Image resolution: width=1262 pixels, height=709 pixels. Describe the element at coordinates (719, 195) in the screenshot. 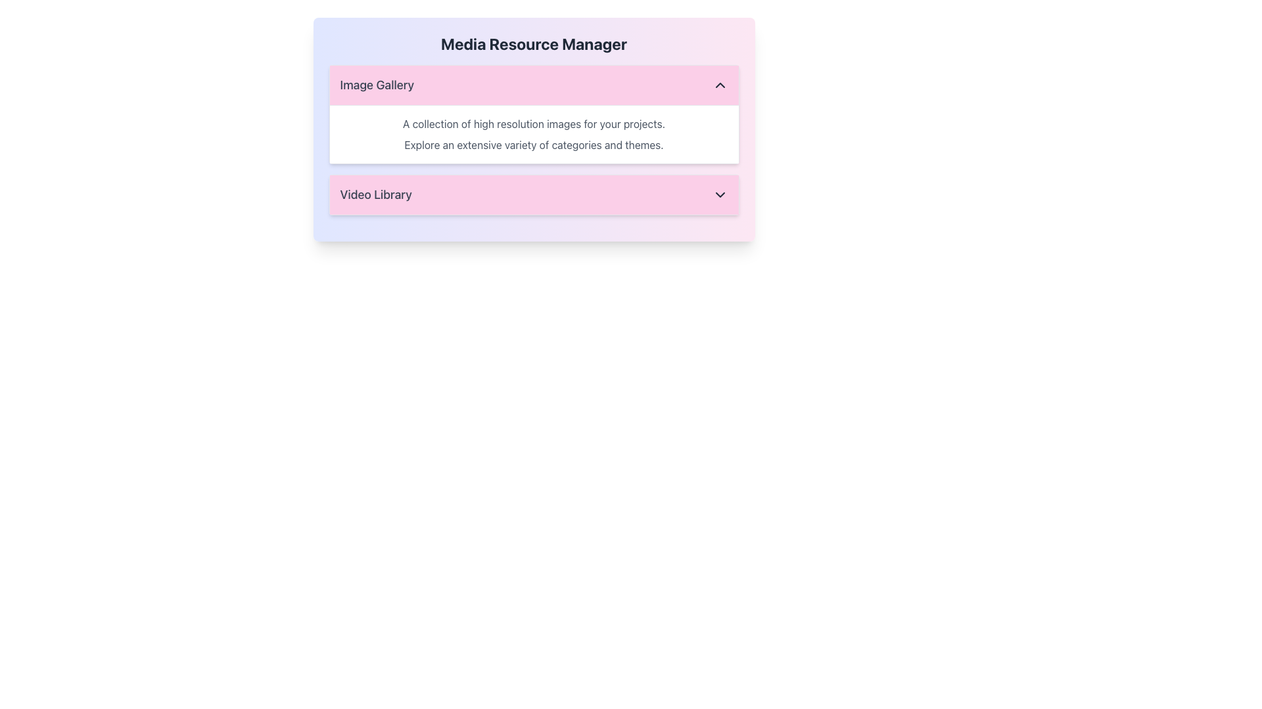

I see `the chevron icon located at the far right of the 'Video Library' section` at that location.